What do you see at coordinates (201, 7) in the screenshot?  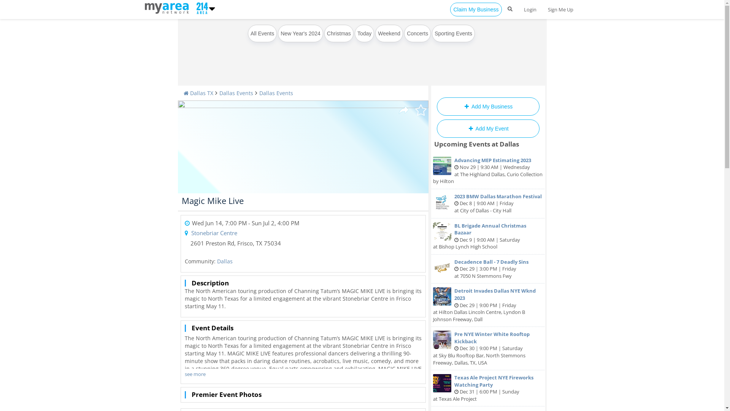 I see `'https://www.214area.com'` at bounding box center [201, 7].